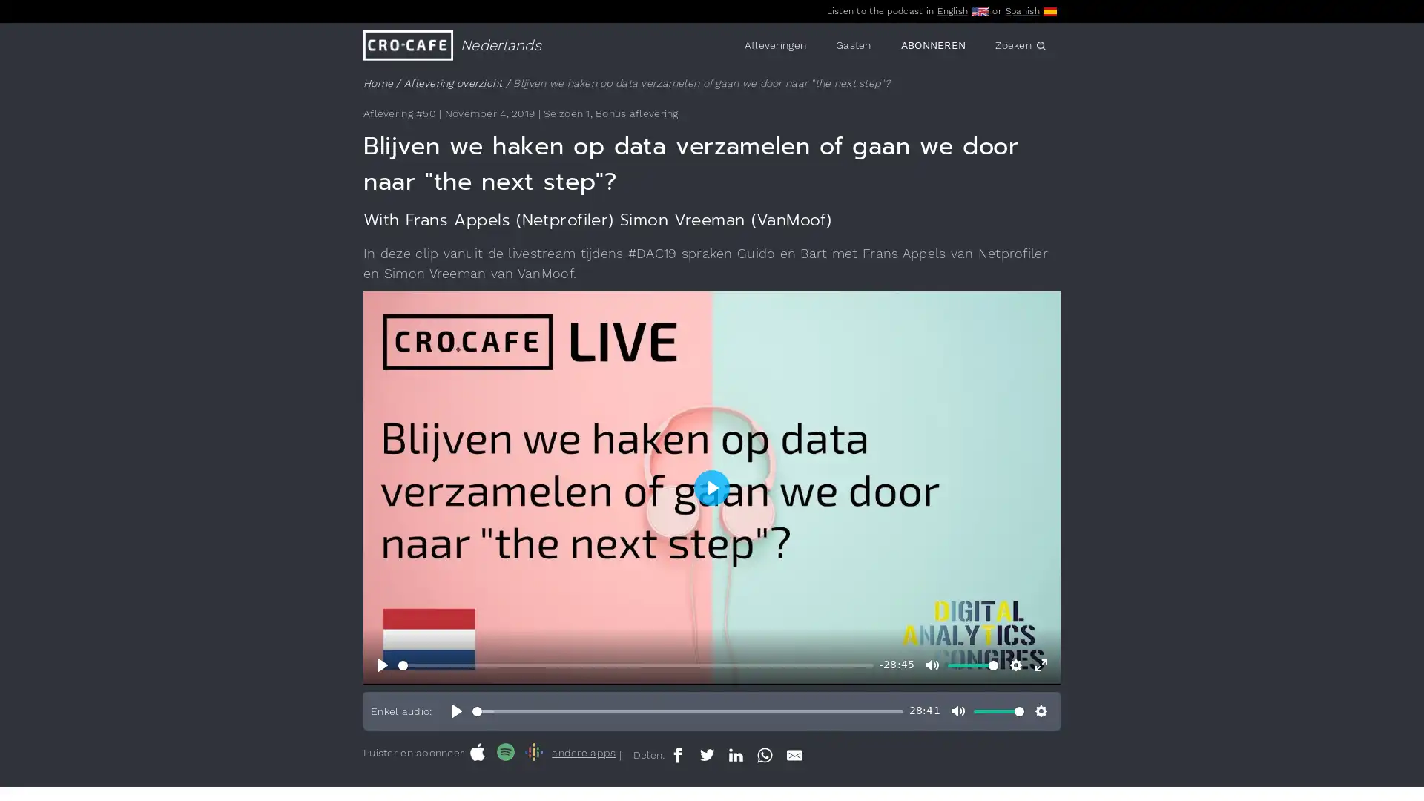 The height and width of the screenshot is (801, 1424). I want to click on Play, Blijven we haken op data verzamelen of gaan we door naar "the next step"?, so click(383, 665).